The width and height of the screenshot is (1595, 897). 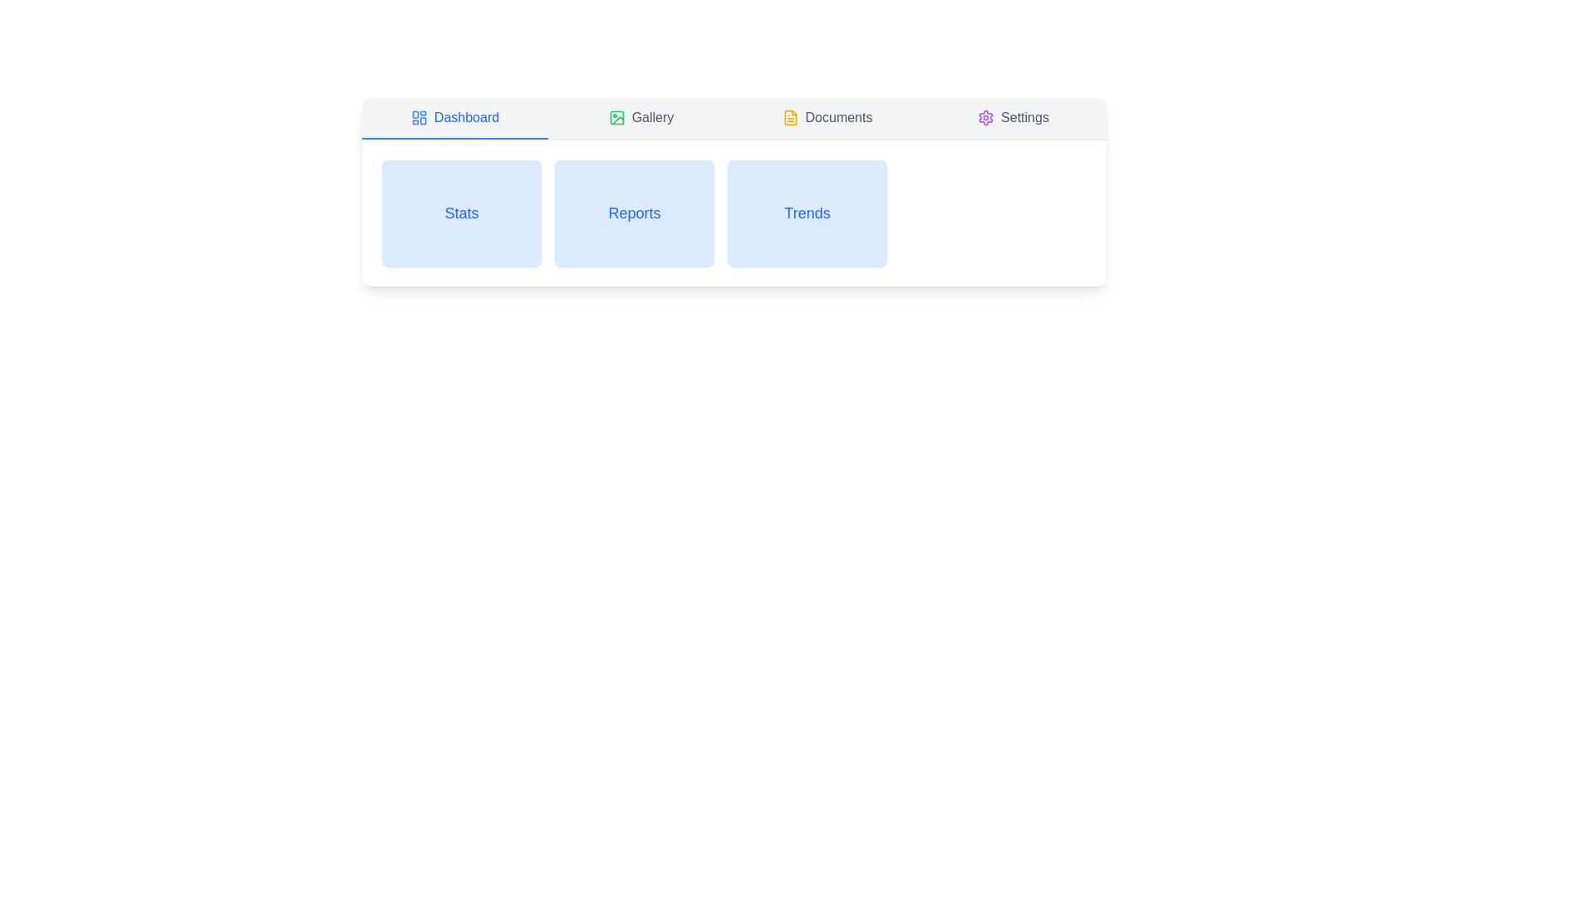 I want to click on the navigational button for the gallery section, located in the second position of the navigation tabs, so click(x=640, y=117).